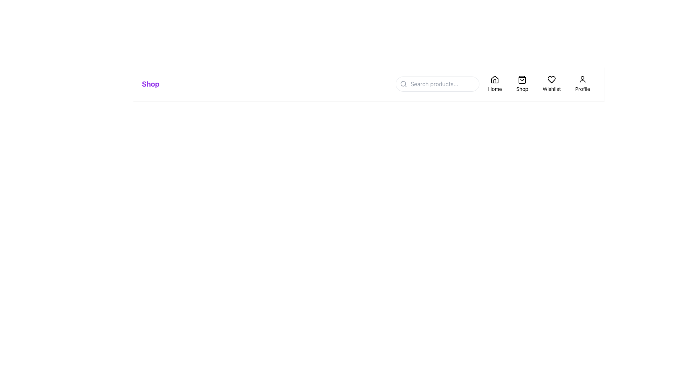 This screenshot has width=690, height=388. What do you see at coordinates (494, 80) in the screenshot?
I see `the homepage shortcut icon, located between the search bar and the 'Shop' navigation item` at bounding box center [494, 80].